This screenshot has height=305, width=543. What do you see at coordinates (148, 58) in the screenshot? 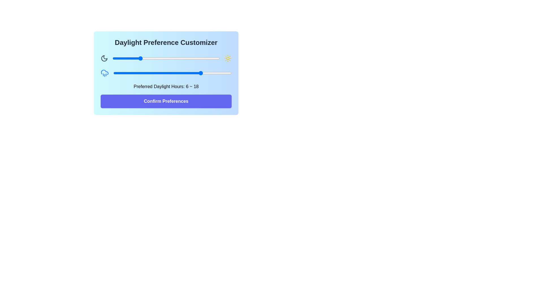
I see `the daylight hours` at bounding box center [148, 58].